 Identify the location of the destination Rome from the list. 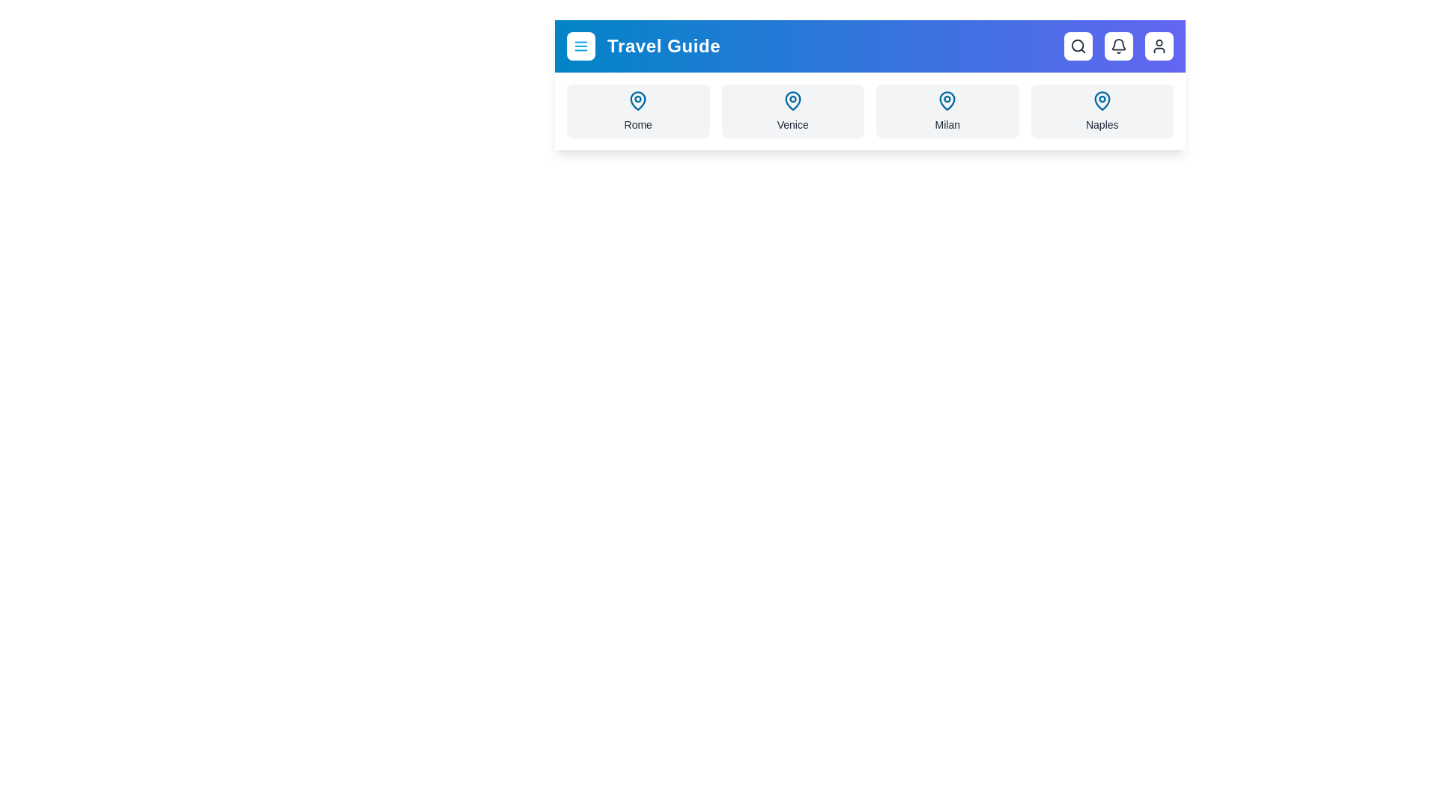
(637, 111).